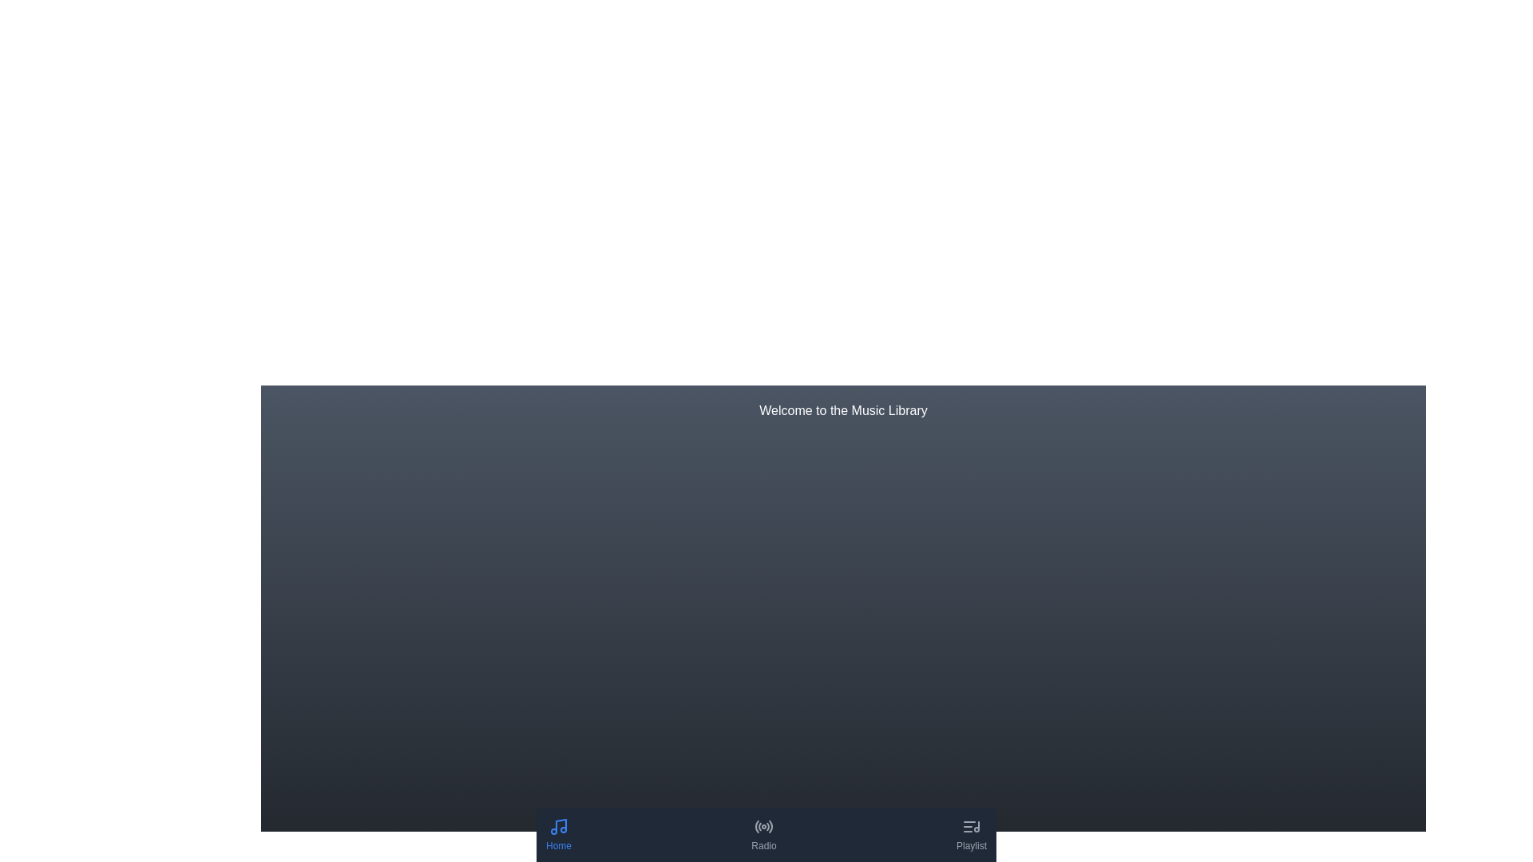 The height and width of the screenshot is (862, 1533). I want to click on the 'Home' text label located in the bottom navigation bar under the musical note icon, so click(559, 845).